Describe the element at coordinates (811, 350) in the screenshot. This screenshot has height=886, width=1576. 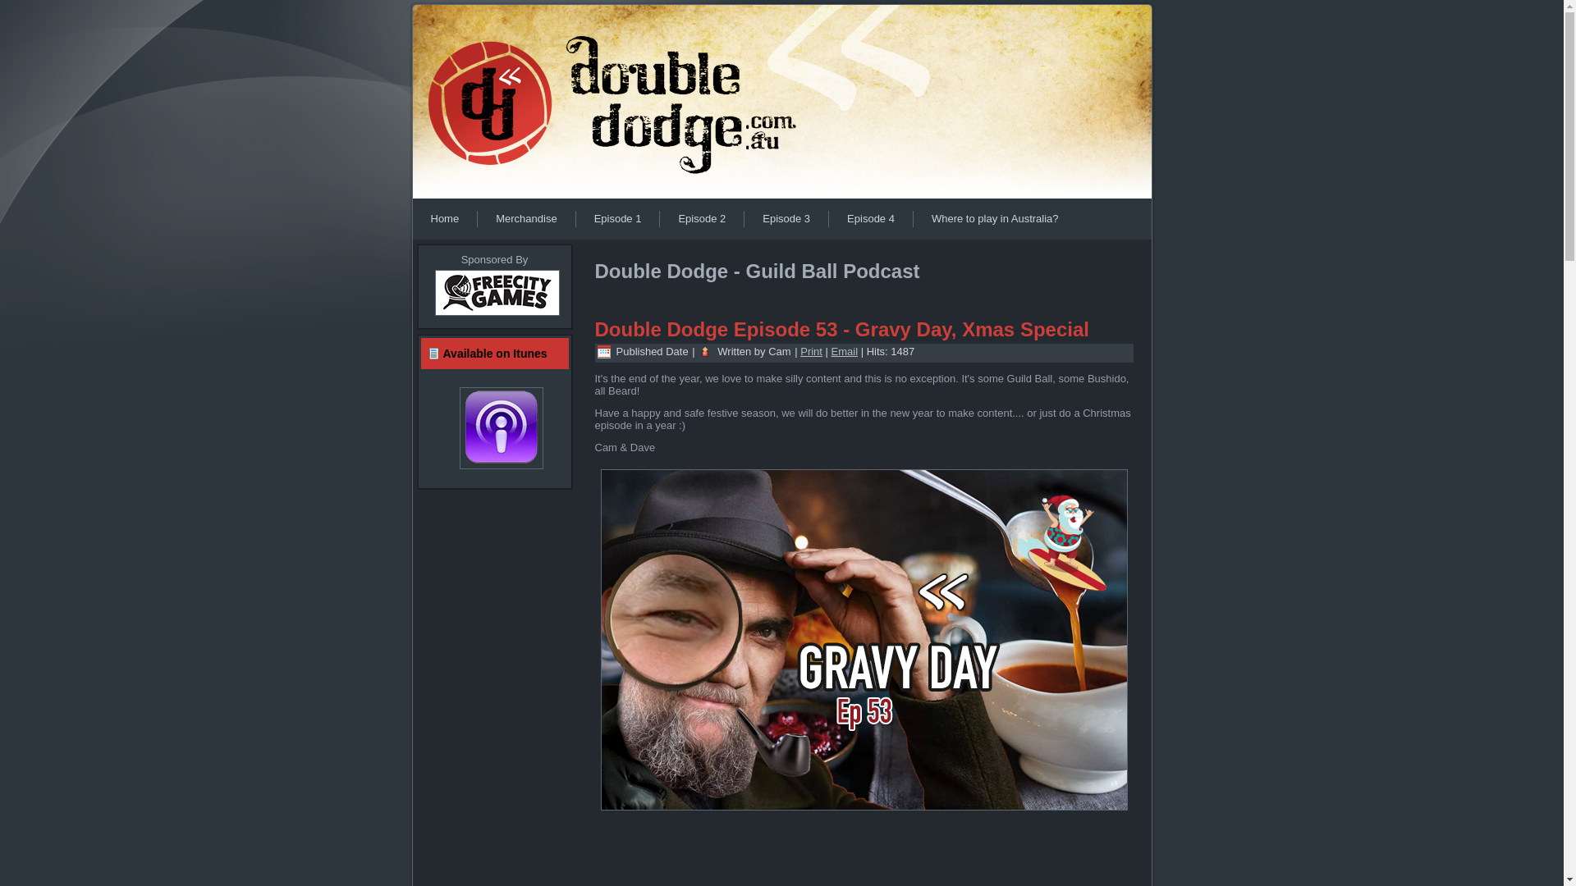
I see `'Print'` at that location.